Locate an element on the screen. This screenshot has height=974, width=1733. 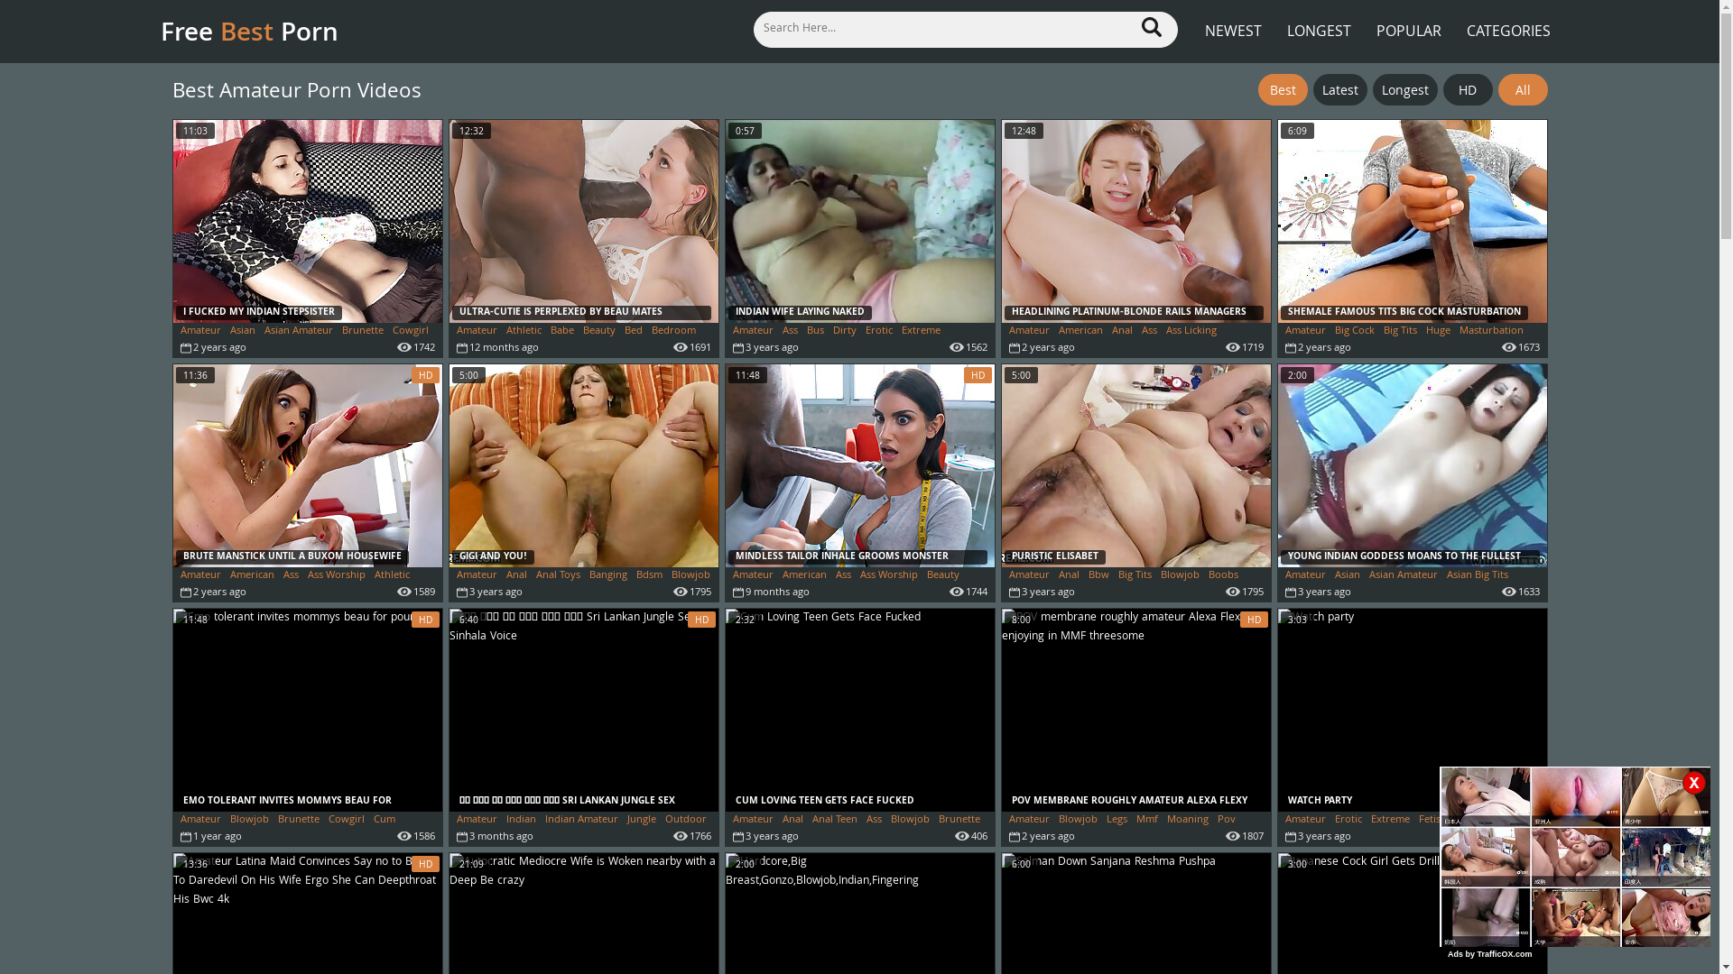
'Asian' is located at coordinates (241, 331).